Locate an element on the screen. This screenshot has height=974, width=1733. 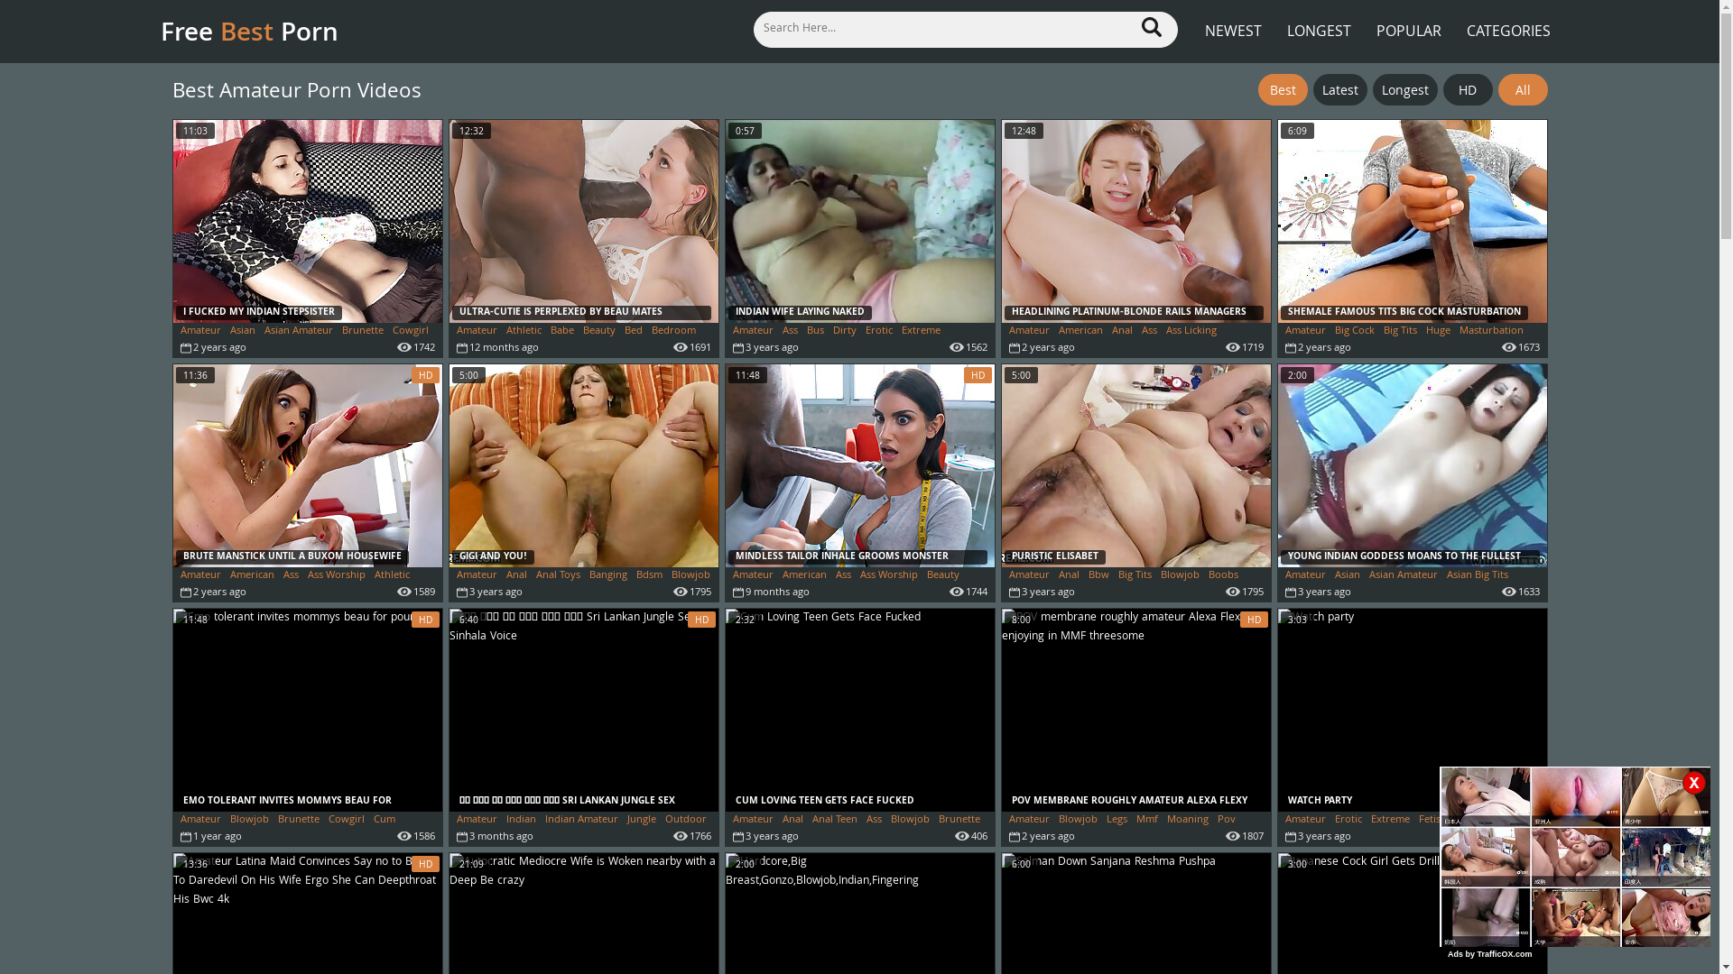
'Asian' is located at coordinates (241, 331).